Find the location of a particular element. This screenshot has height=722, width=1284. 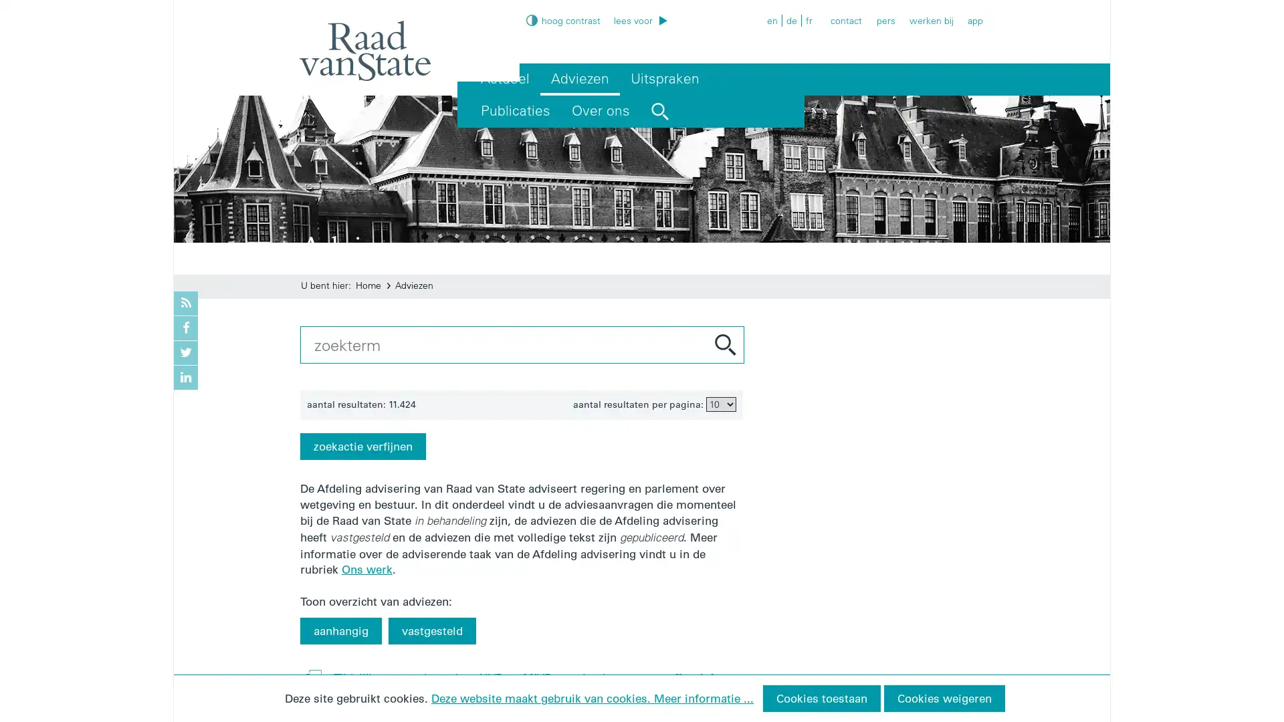

Cookies toestaan is located at coordinates (821, 698).